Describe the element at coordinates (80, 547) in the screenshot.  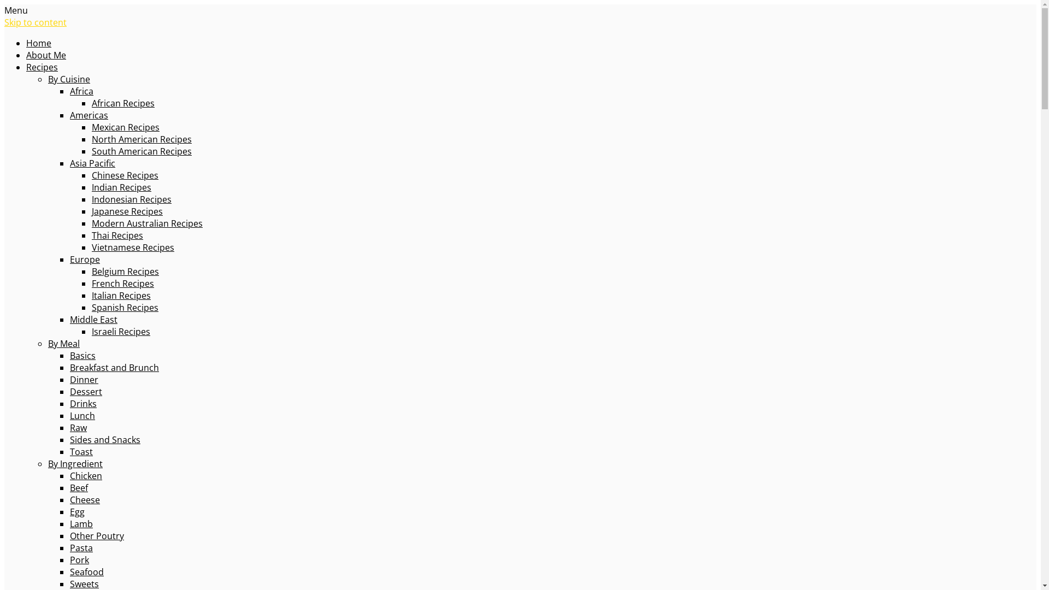
I see `'Pasta'` at that location.